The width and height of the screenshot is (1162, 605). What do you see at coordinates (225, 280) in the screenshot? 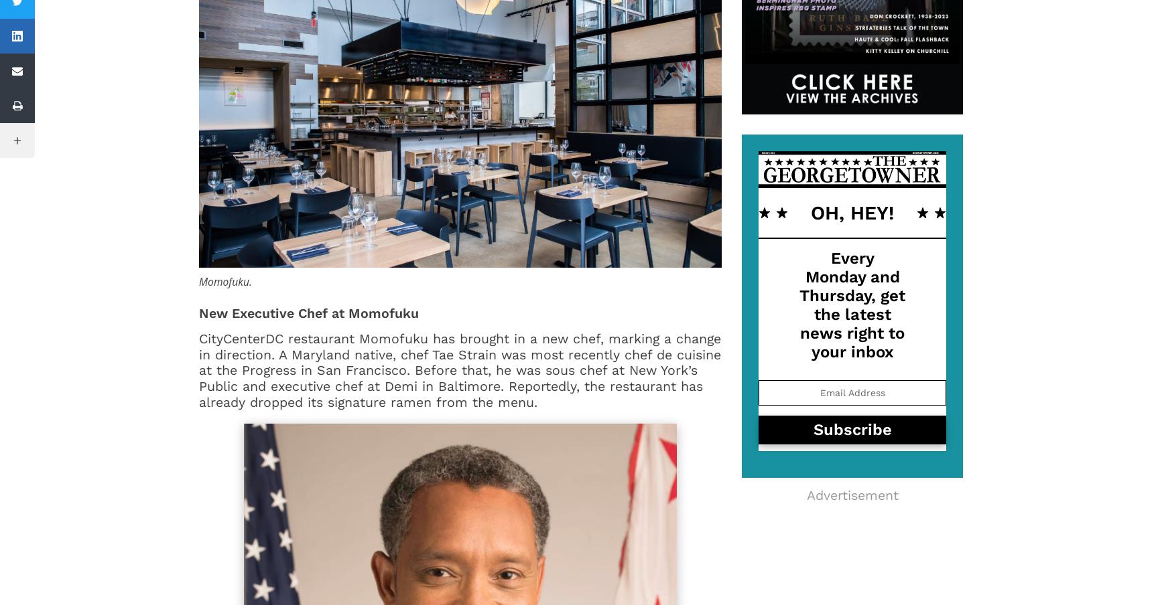
I see `'Momofuku.'` at bounding box center [225, 280].